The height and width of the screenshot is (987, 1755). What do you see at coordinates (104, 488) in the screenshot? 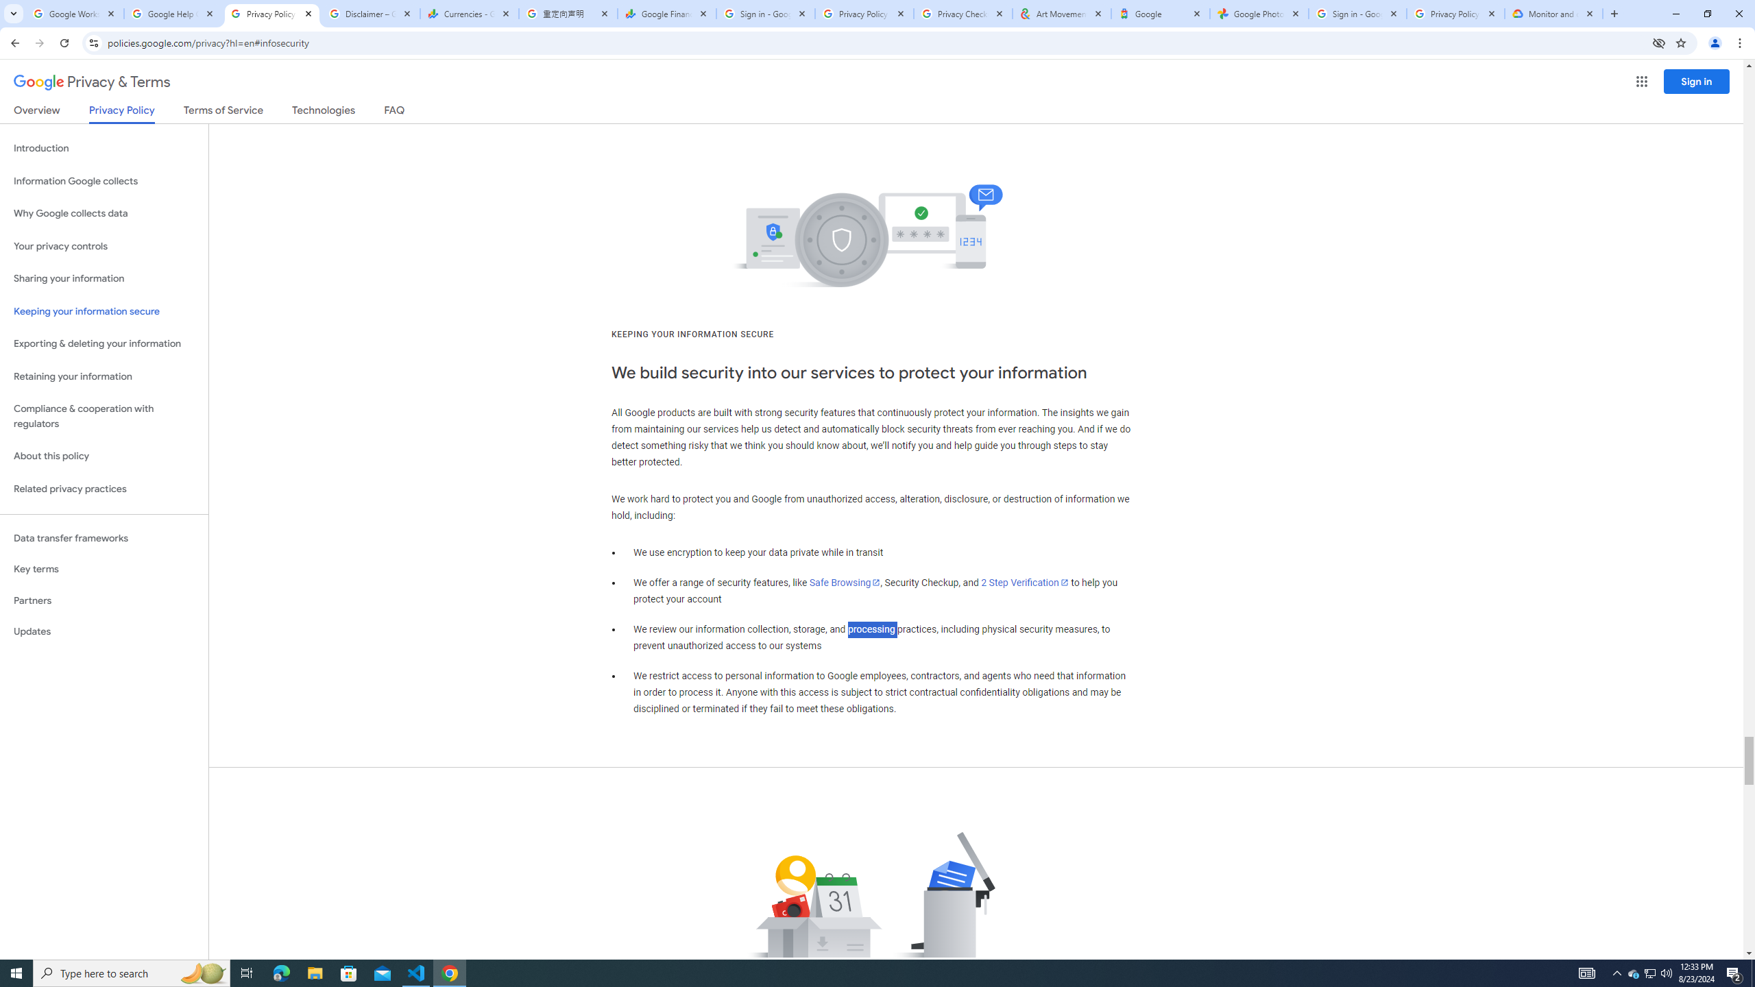
I see `'Related privacy practices'` at bounding box center [104, 488].